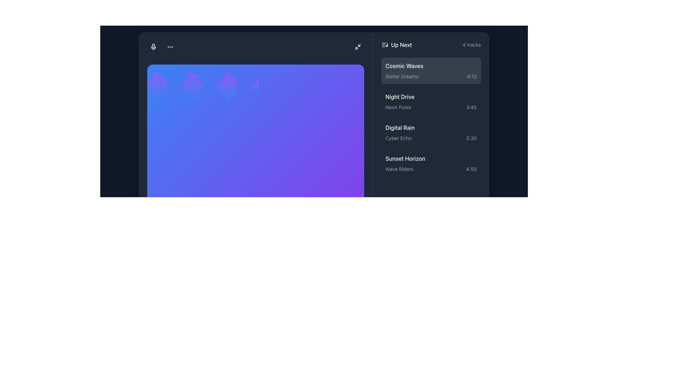 The image size is (673, 379). Describe the element at coordinates (396, 45) in the screenshot. I see `heading or label text that indicates the purpose of the list of upcoming tracks or playlist, located in the upper-right area of the interface, immediately left of the '4 tracks' label` at that location.